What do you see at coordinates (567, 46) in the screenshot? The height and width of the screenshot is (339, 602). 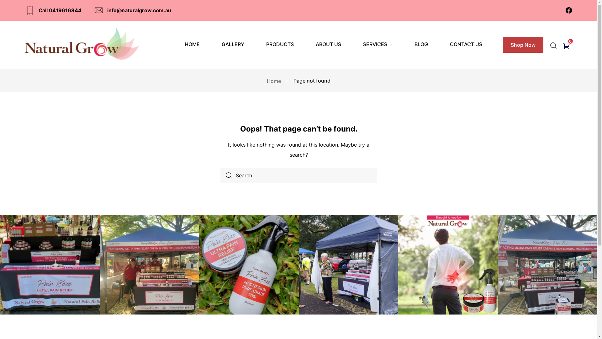 I see `'0'` at bounding box center [567, 46].